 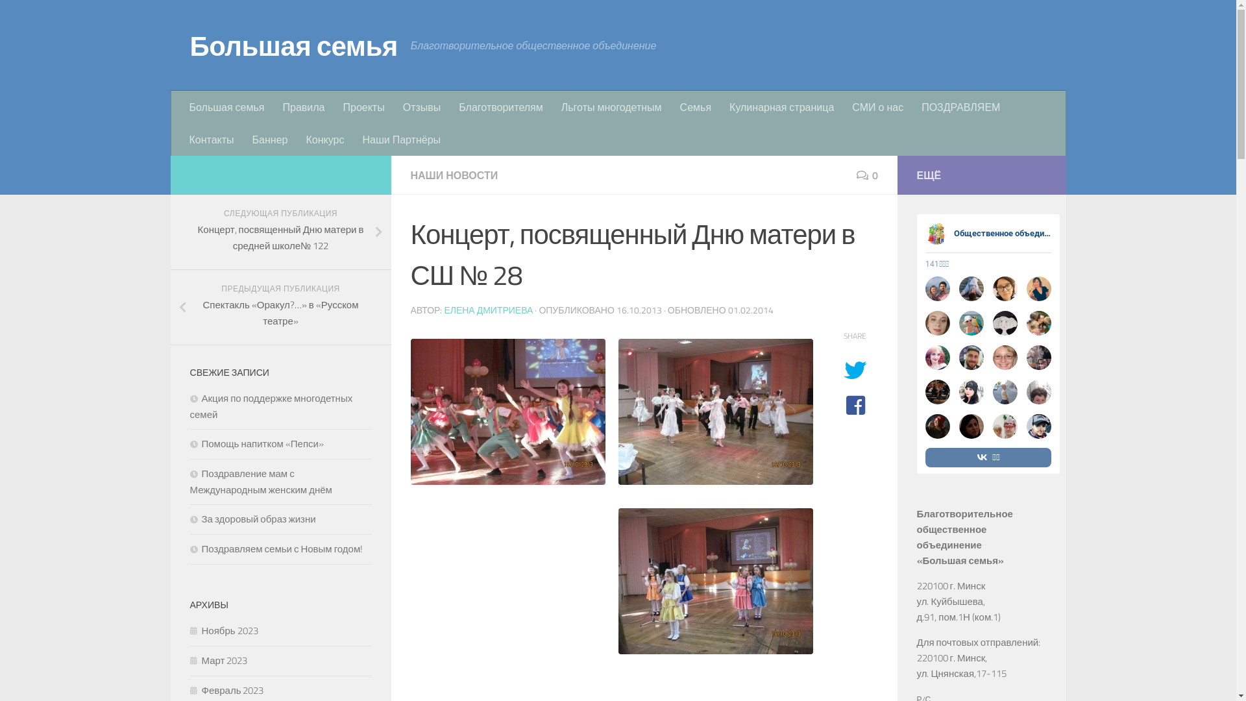 What do you see at coordinates (867, 175) in the screenshot?
I see `'0'` at bounding box center [867, 175].